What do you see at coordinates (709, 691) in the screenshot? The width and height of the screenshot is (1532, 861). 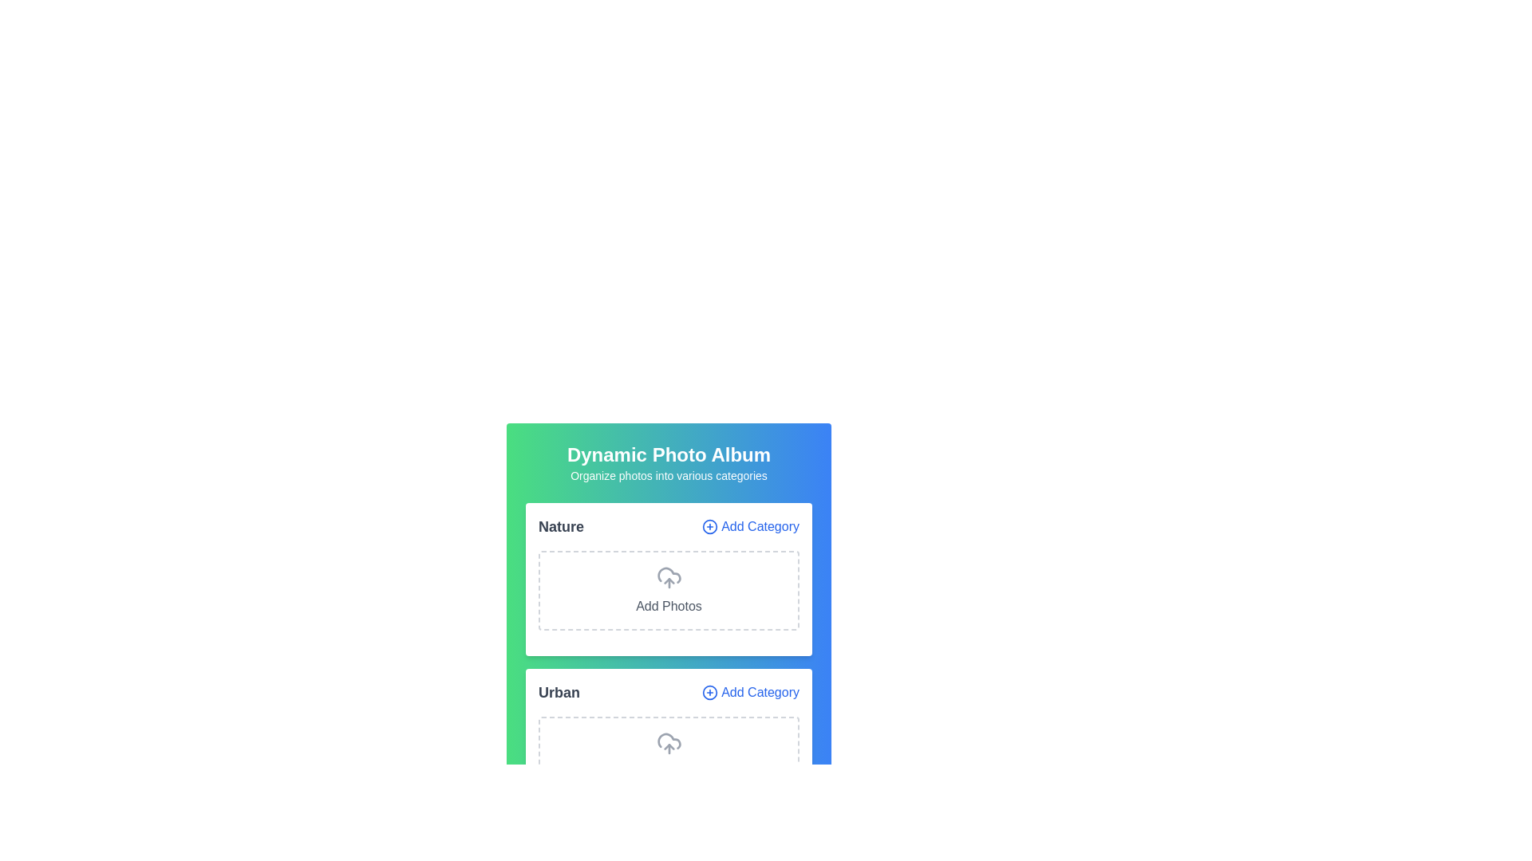 I see `the icon button within the 'Add Category' button located at the top-right corner of the 'Urban' category box` at bounding box center [709, 691].